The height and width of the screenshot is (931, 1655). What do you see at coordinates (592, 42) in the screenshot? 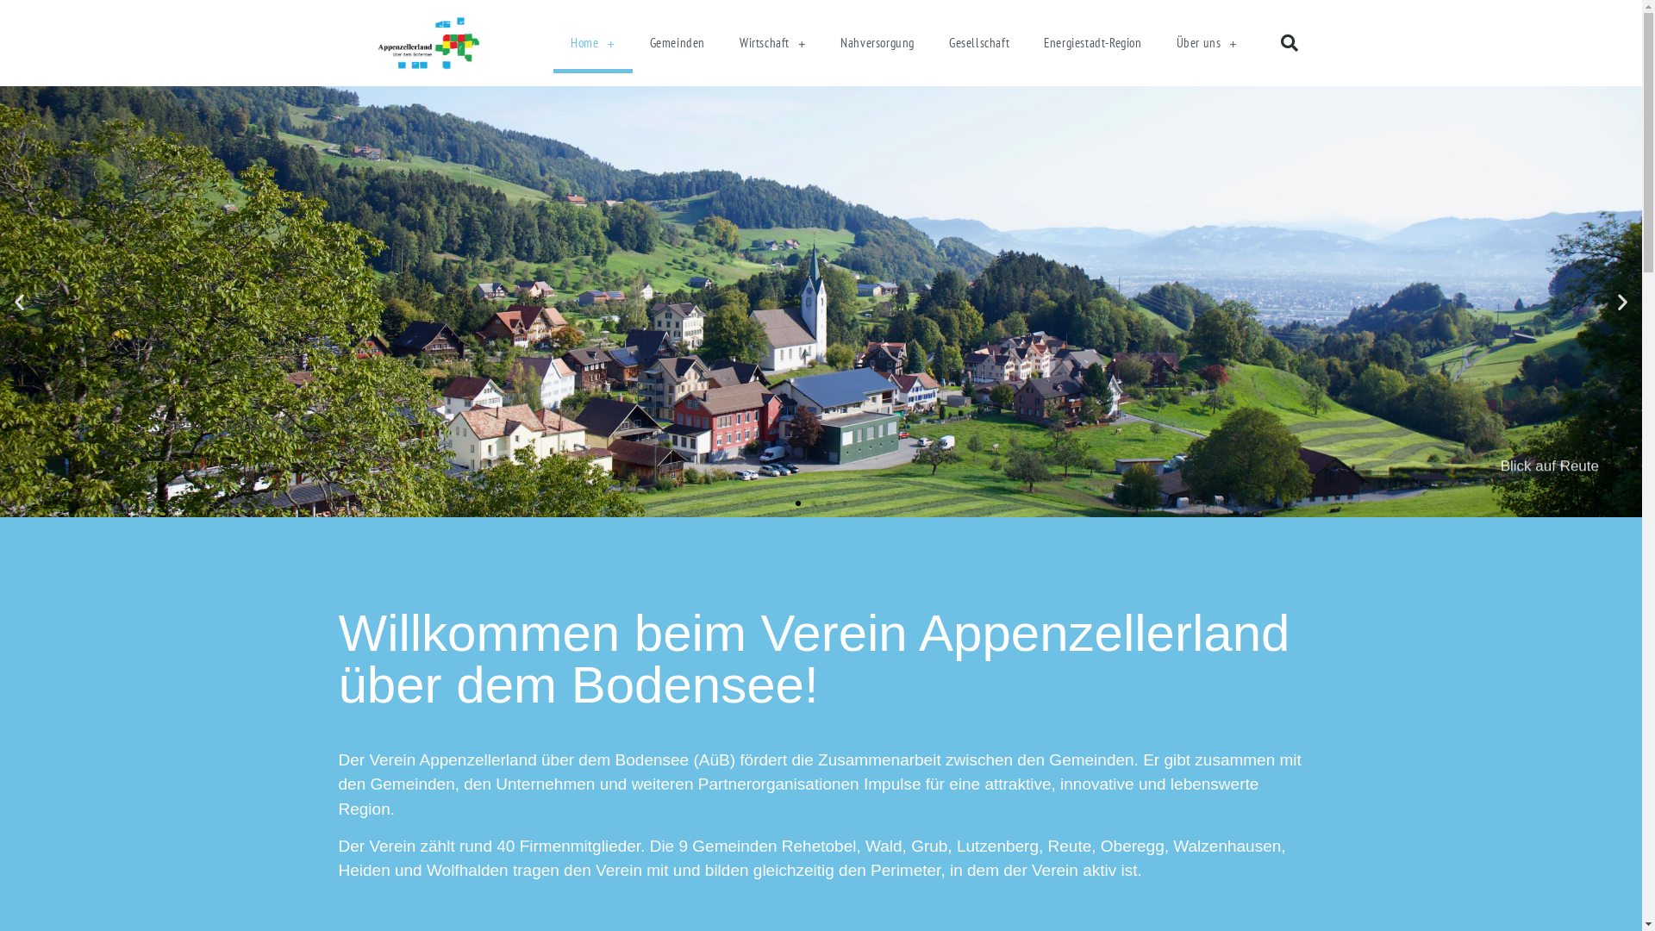
I see `'Home'` at bounding box center [592, 42].